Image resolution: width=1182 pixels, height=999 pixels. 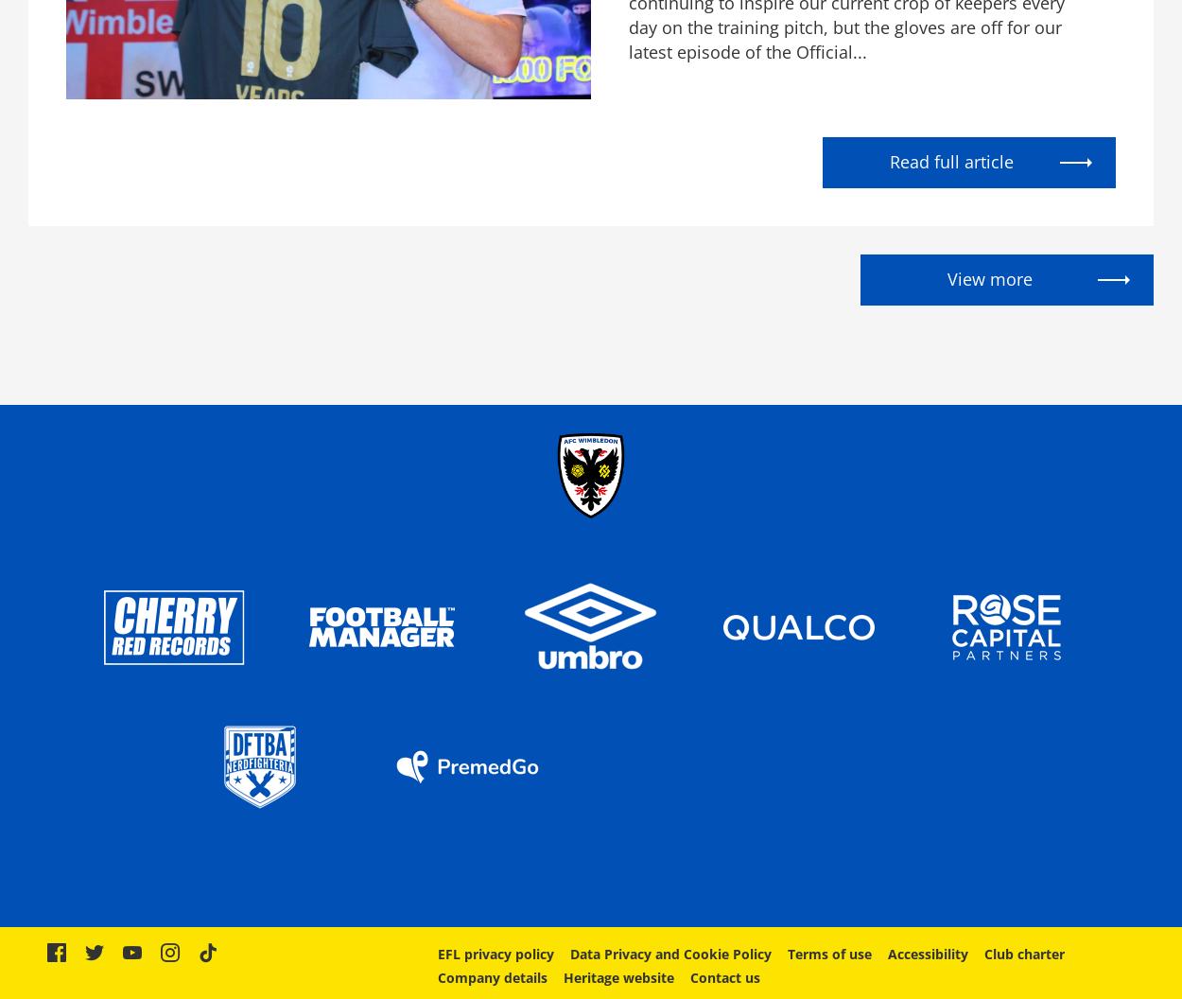 What do you see at coordinates (926, 952) in the screenshot?
I see `'Accessibility'` at bounding box center [926, 952].